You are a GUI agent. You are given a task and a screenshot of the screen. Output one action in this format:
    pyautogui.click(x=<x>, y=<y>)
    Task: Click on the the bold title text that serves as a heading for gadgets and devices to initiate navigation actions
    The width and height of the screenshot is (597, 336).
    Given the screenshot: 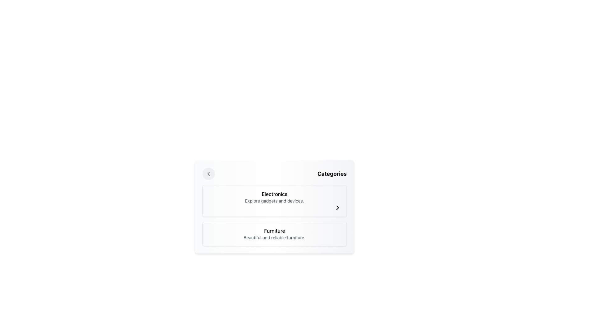 What is the action you would take?
    pyautogui.click(x=274, y=194)
    